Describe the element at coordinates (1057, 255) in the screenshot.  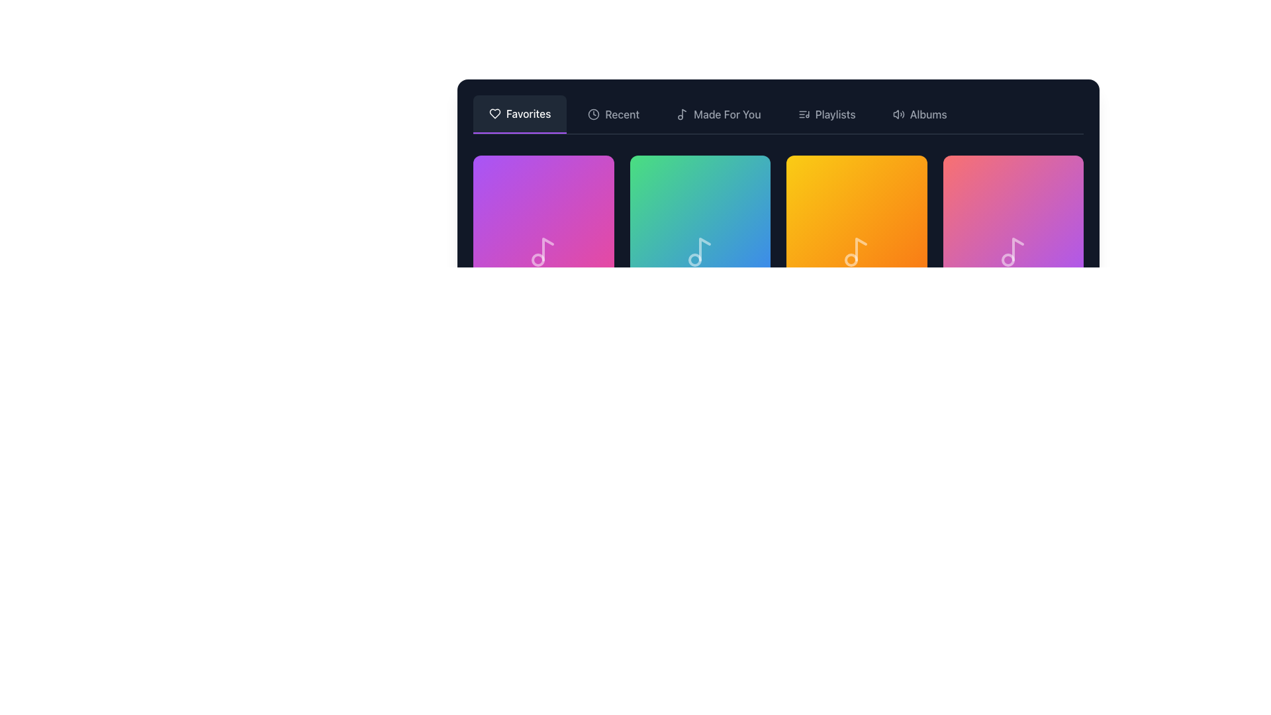
I see `the circular purple play button located at the bottom right of the last card in the horizontal card list` at that location.